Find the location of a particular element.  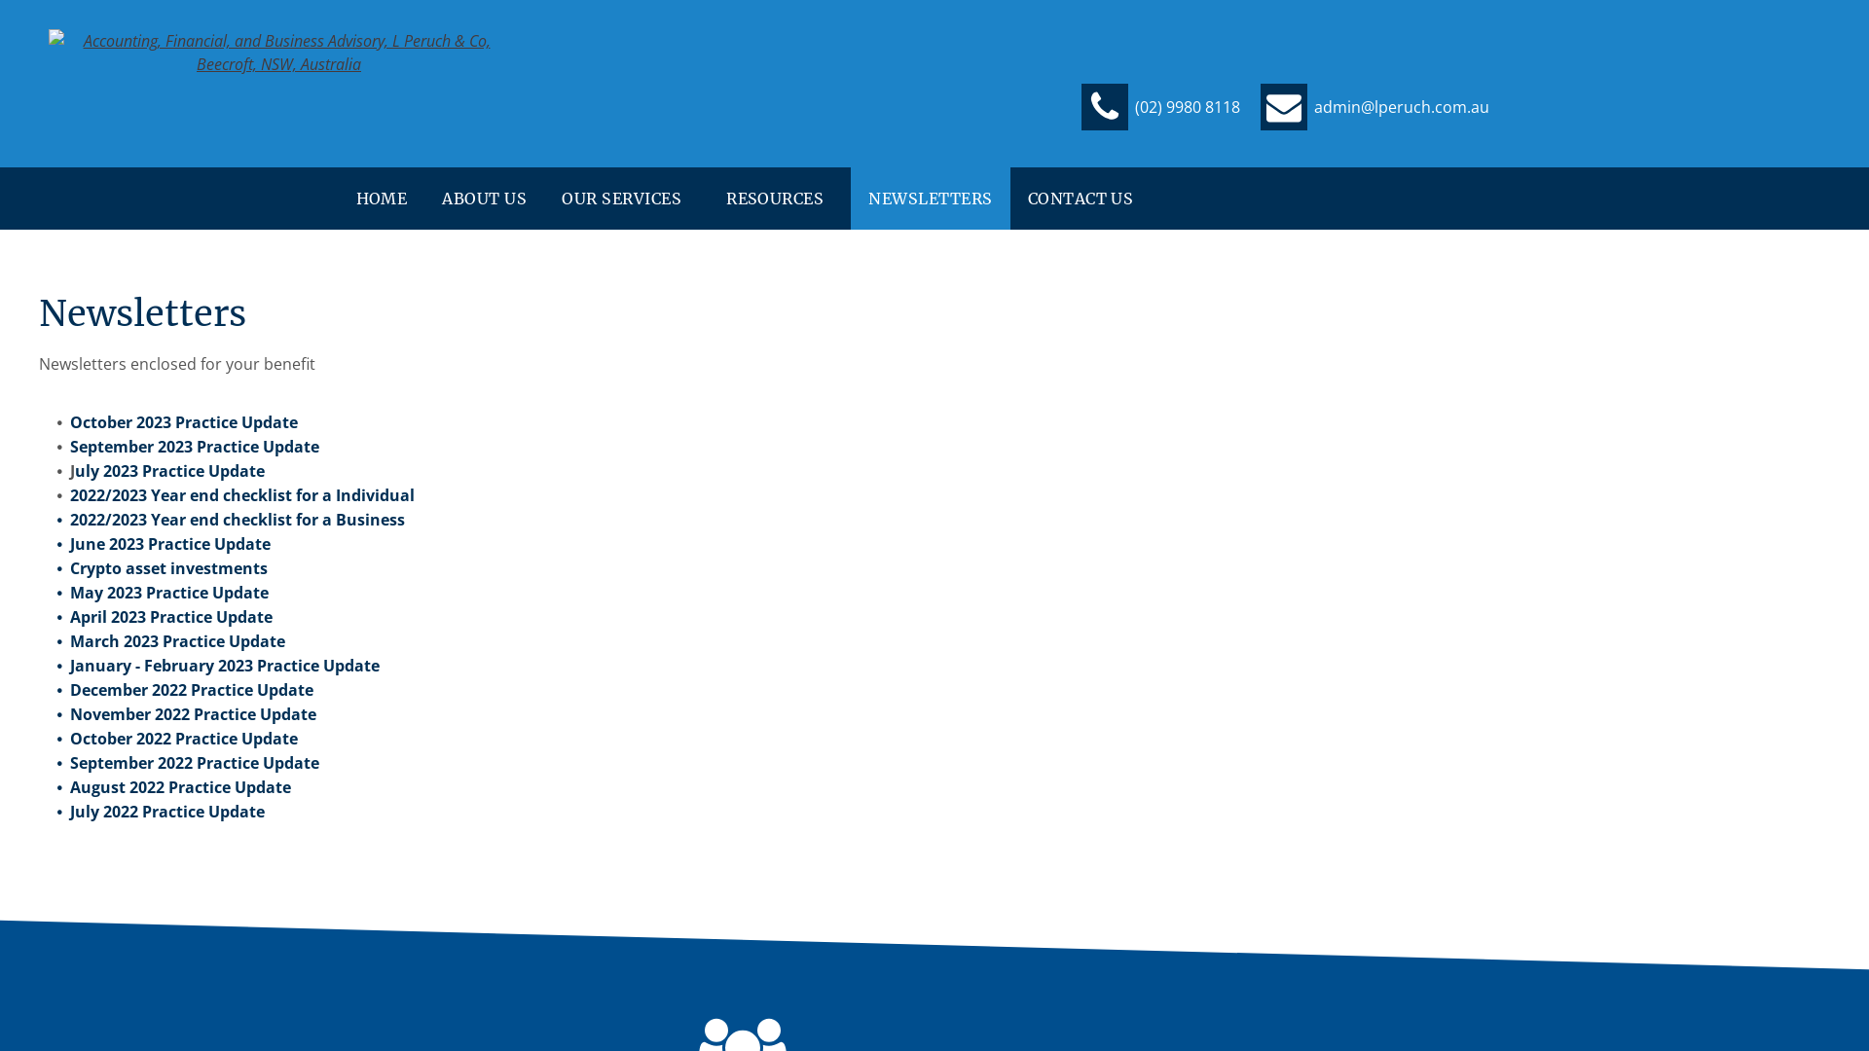

'2022/2023 Year end checklist for a Business' is located at coordinates (237, 518).